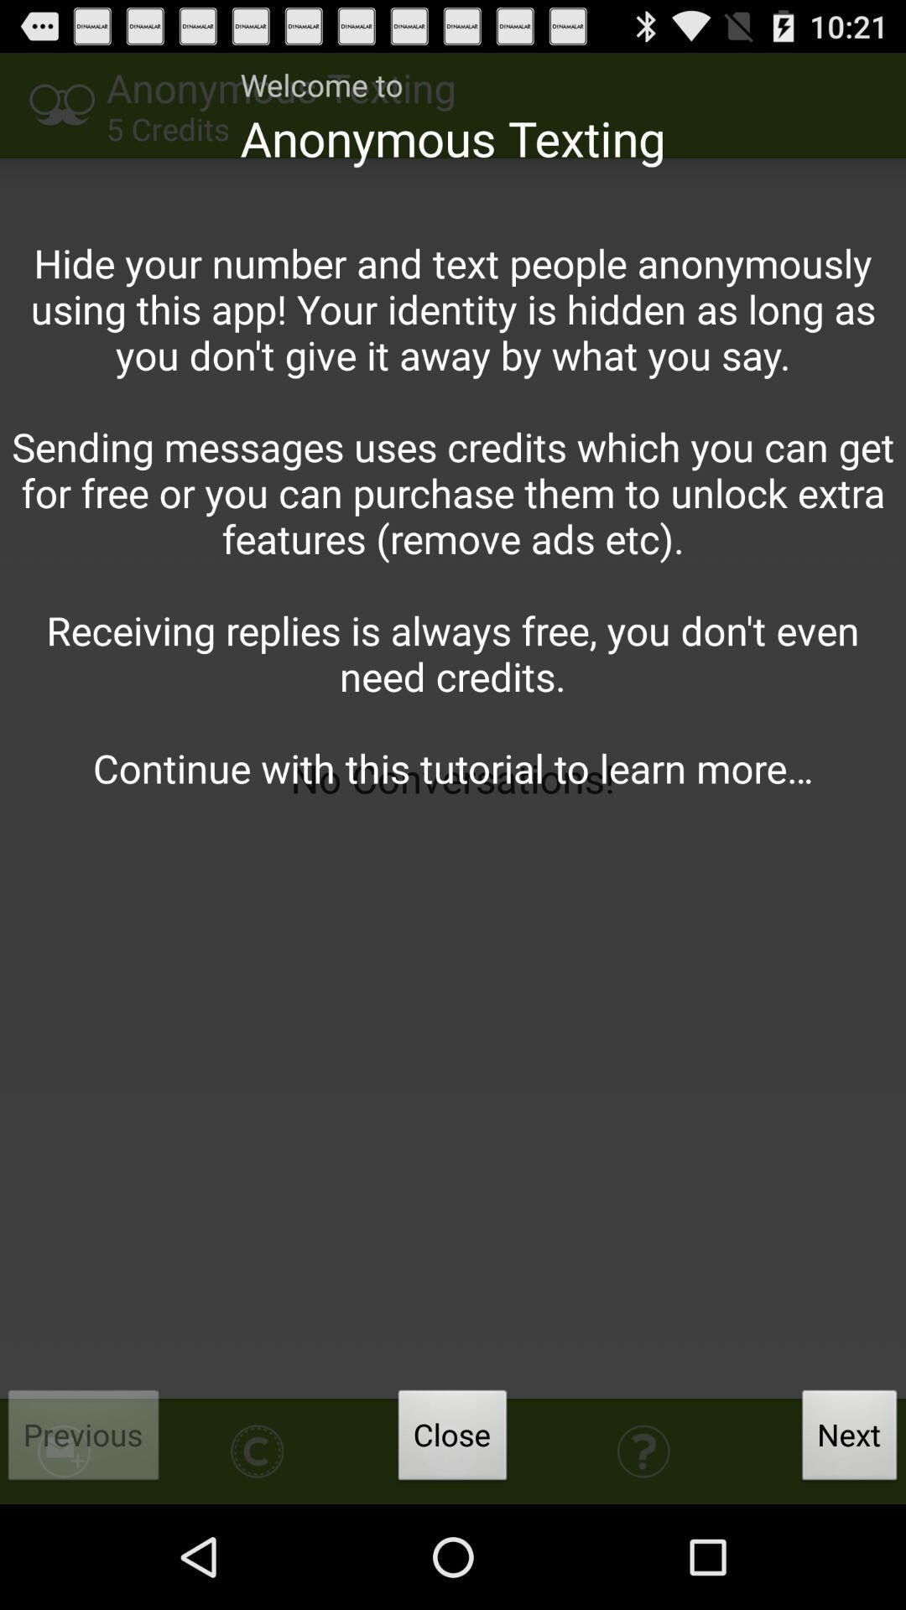  What do you see at coordinates (84, 1439) in the screenshot?
I see `icon below hide your number app` at bounding box center [84, 1439].